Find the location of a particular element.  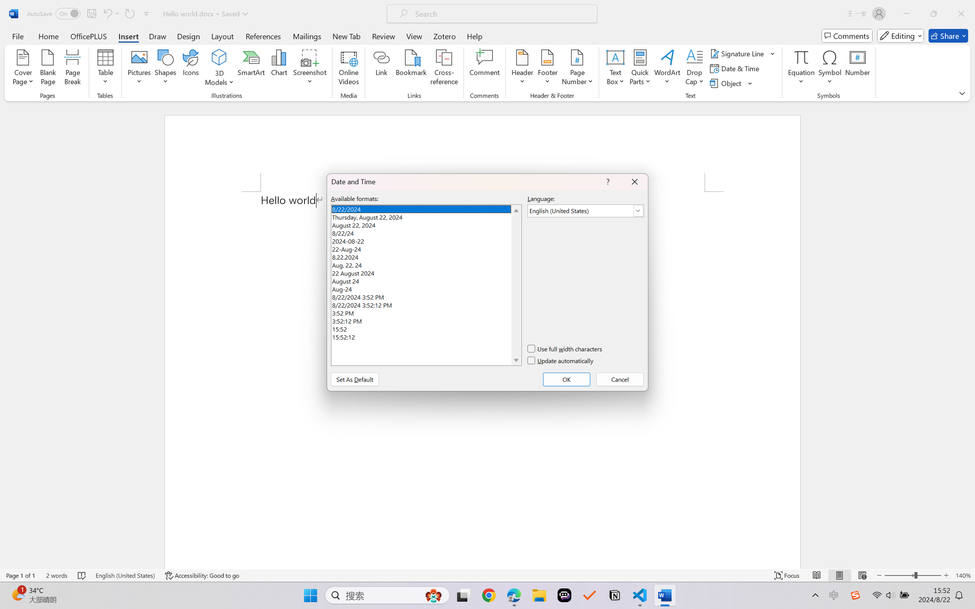

'Cover Page' is located at coordinates (23, 68).